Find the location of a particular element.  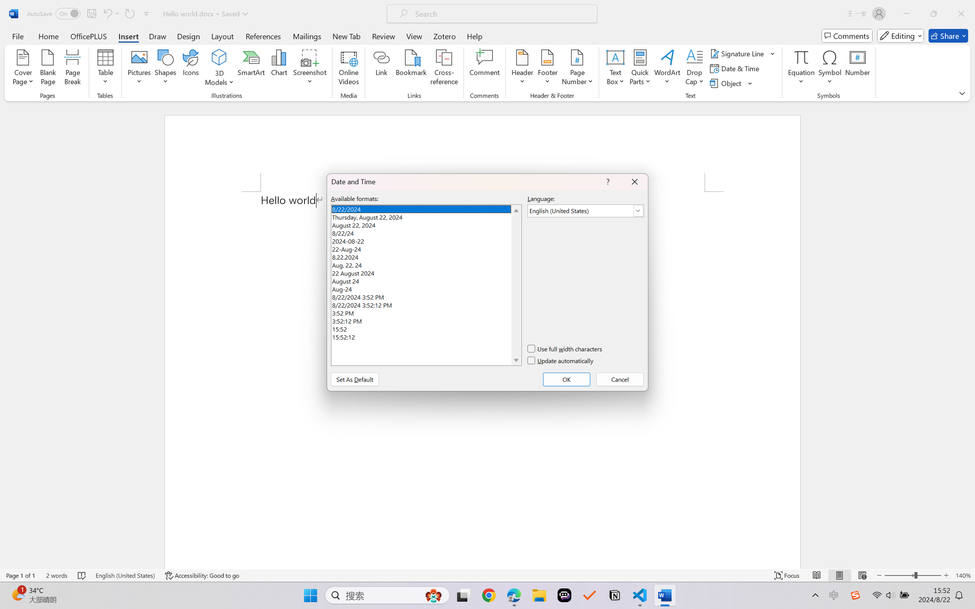

'Cover Page' is located at coordinates (23, 68).